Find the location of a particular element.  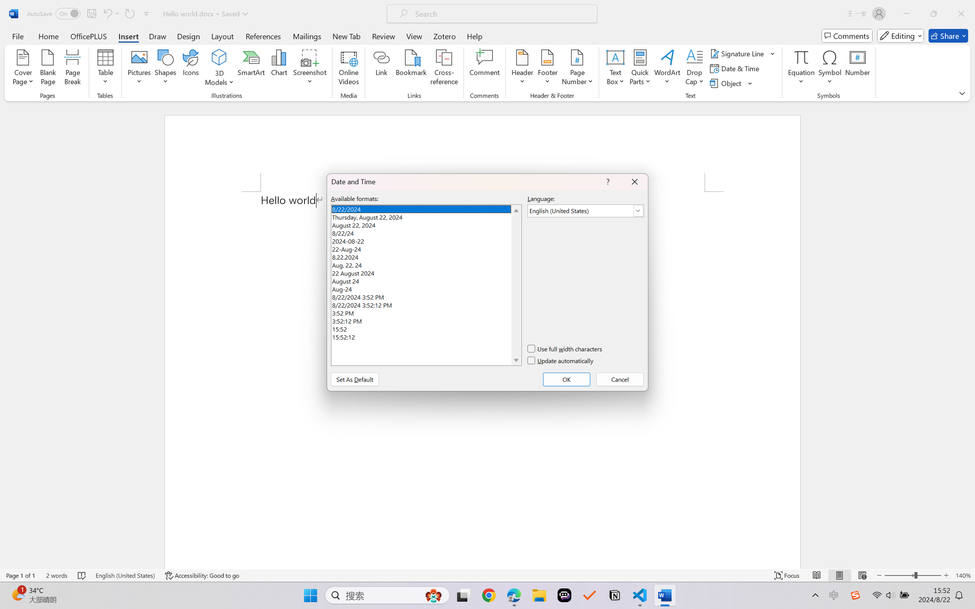

'Cover Page' is located at coordinates (23, 68).